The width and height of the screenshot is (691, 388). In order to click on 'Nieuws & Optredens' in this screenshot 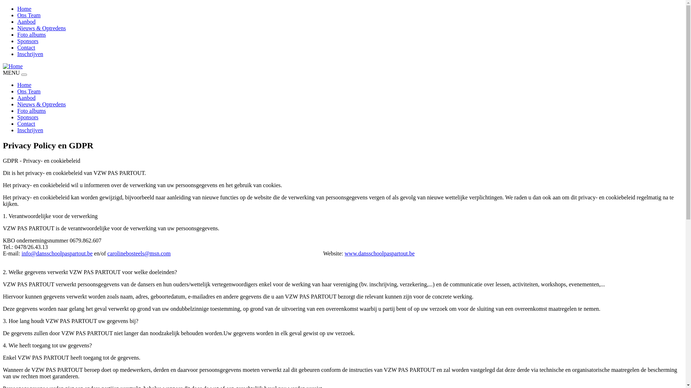, I will do `click(41, 104)`.